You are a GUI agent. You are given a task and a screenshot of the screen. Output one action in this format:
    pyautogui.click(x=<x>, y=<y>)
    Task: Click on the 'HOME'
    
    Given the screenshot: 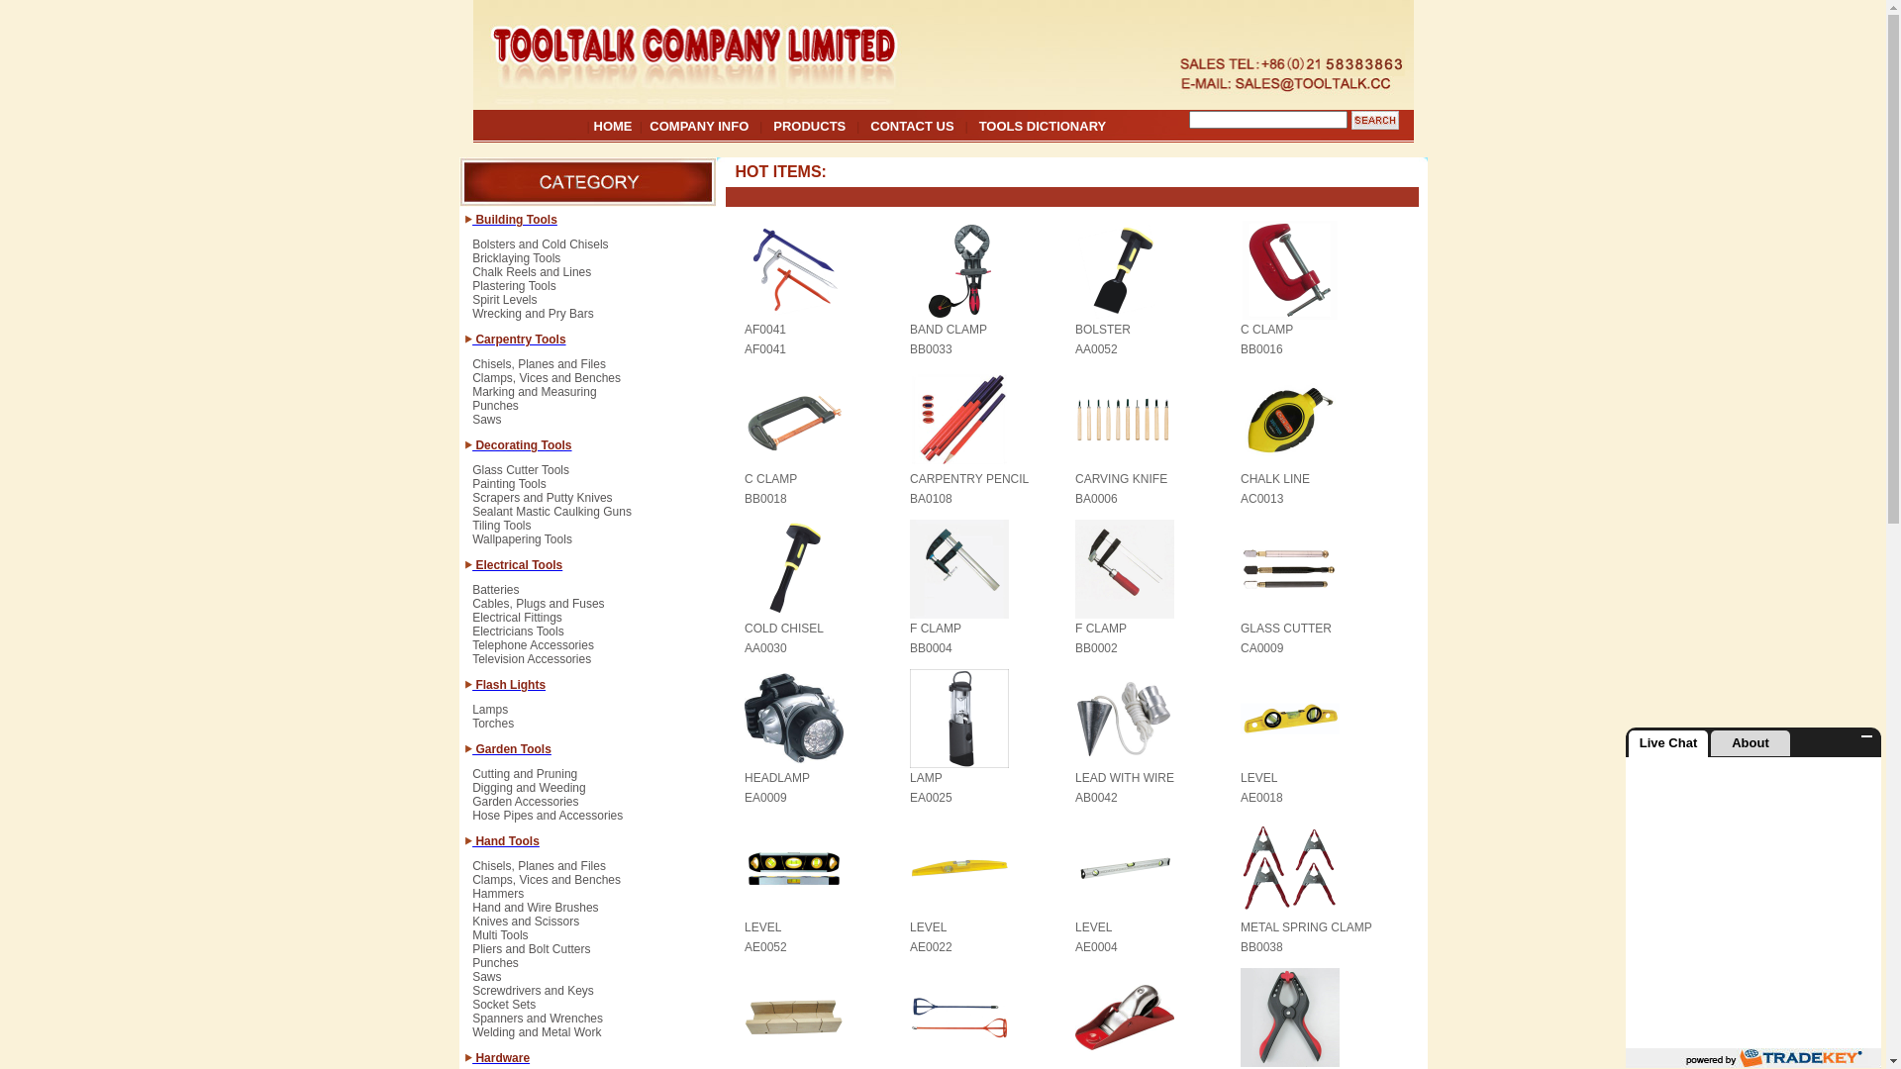 What is the action you would take?
    pyautogui.click(x=612, y=126)
    